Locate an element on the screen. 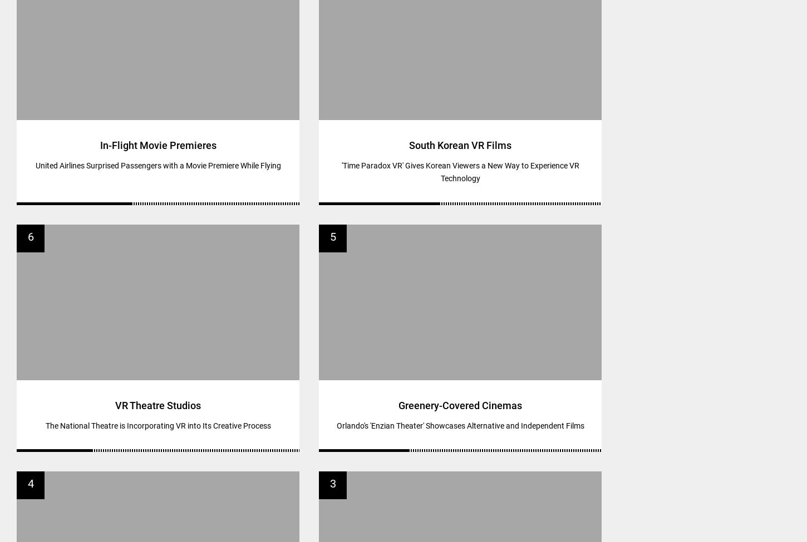 This screenshot has width=807, height=542. '4' is located at coordinates (30, 483).